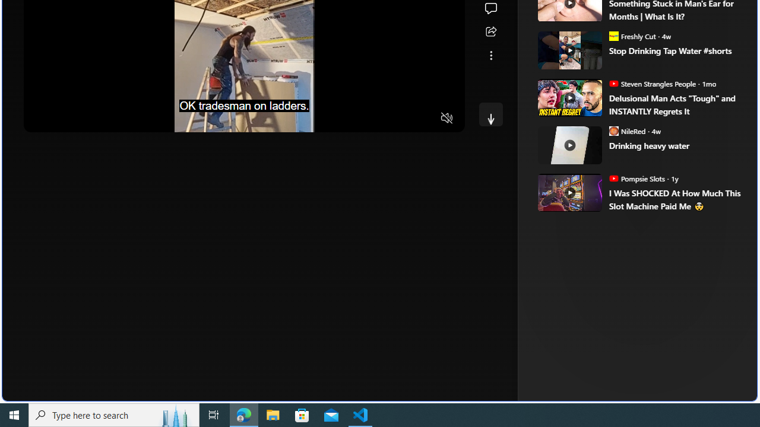 This screenshot has height=427, width=760. Describe the element at coordinates (674, 50) in the screenshot. I see `'Stop Drinking Tap Water #shorts'` at that location.